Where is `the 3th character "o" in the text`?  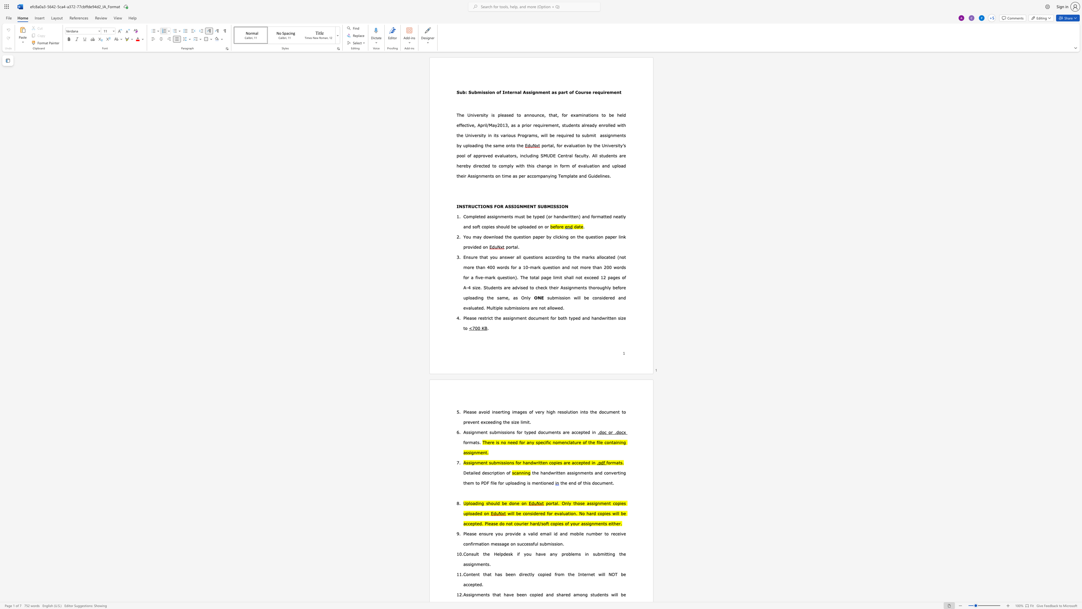 the 3th character "o" in the text is located at coordinates (552, 462).